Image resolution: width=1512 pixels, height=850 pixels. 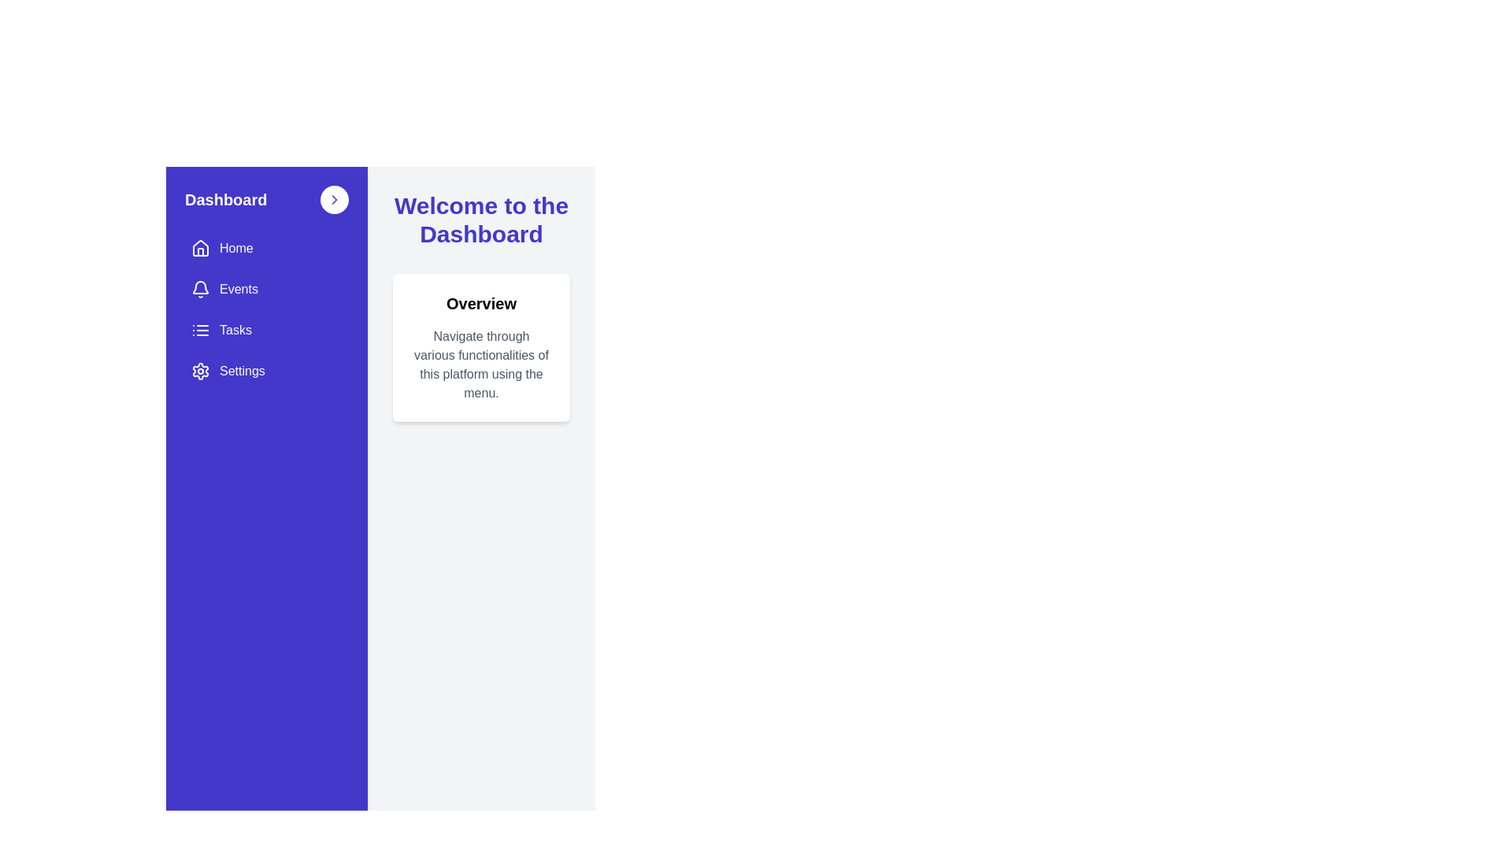 I want to click on the 'Settings' text label, which is styled in white text color against a blue background, located at the bottom of the vertical navigation menu on the left side of the interface, so click(x=241, y=371).